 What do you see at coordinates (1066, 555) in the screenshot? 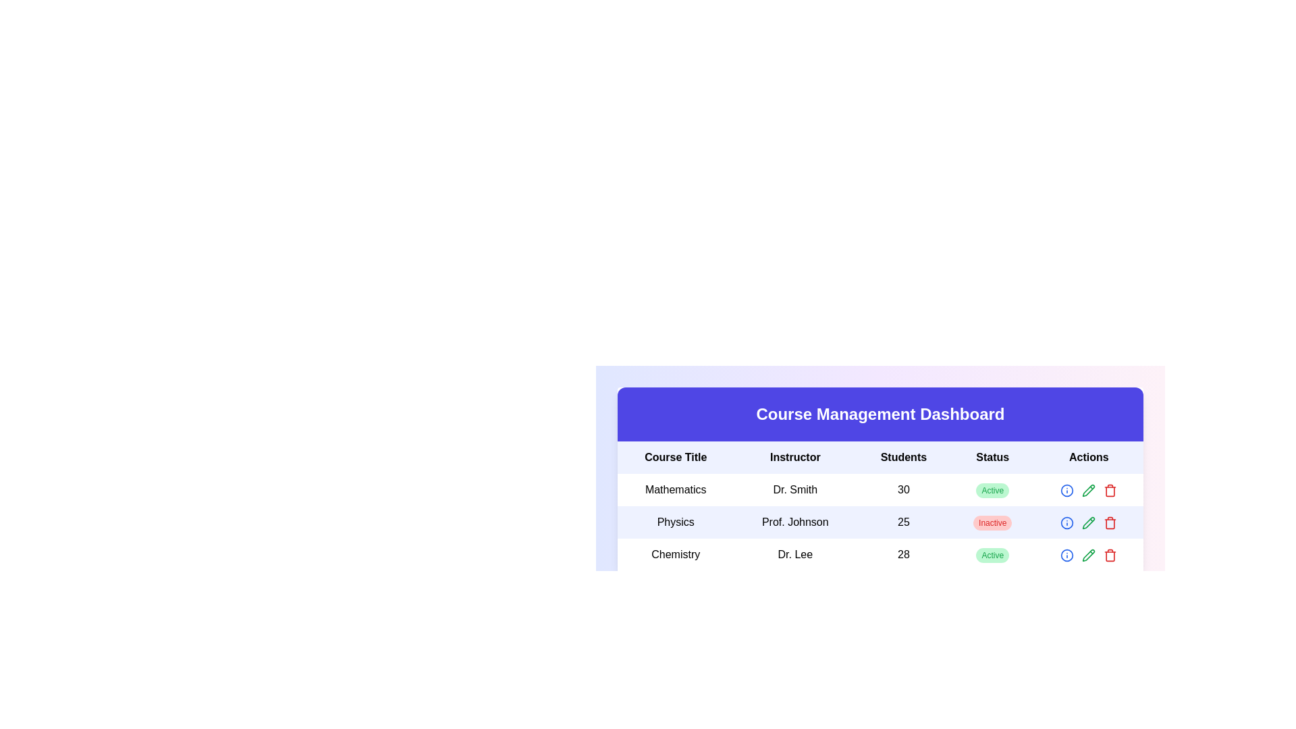
I see `the circular icon with an information symbol ('i') in the 'Actions' column of the last row associated with the 'Chemistry' course` at bounding box center [1066, 555].